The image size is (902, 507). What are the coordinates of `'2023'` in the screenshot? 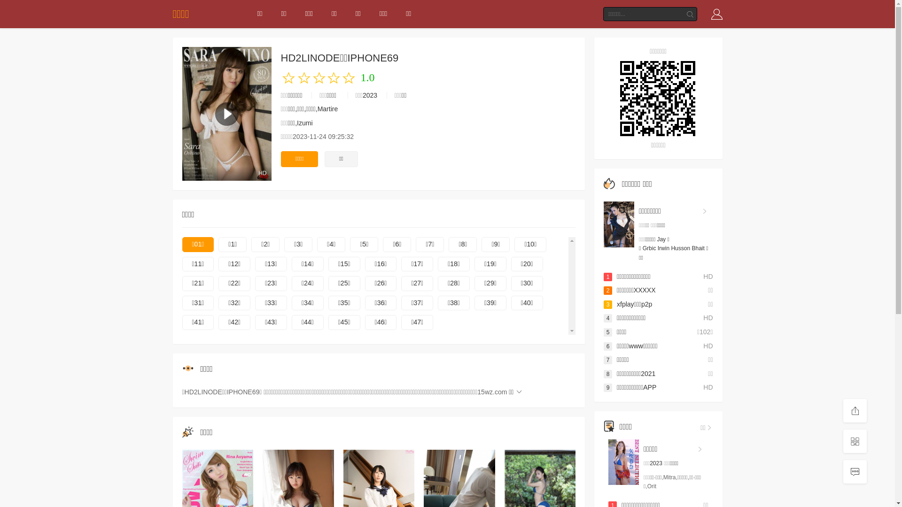 It's located at (369, 95).